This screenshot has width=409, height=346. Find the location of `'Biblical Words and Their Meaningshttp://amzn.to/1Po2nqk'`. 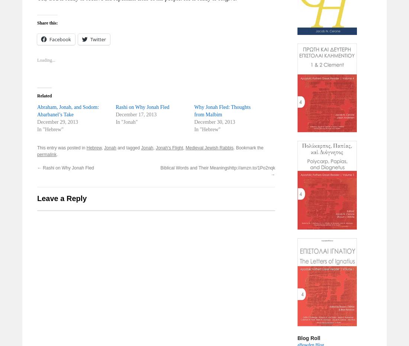

'Biblical Words and Their Meaningshttp://amzn.to/1Po2nqk' is located at coordinates (217, 168).